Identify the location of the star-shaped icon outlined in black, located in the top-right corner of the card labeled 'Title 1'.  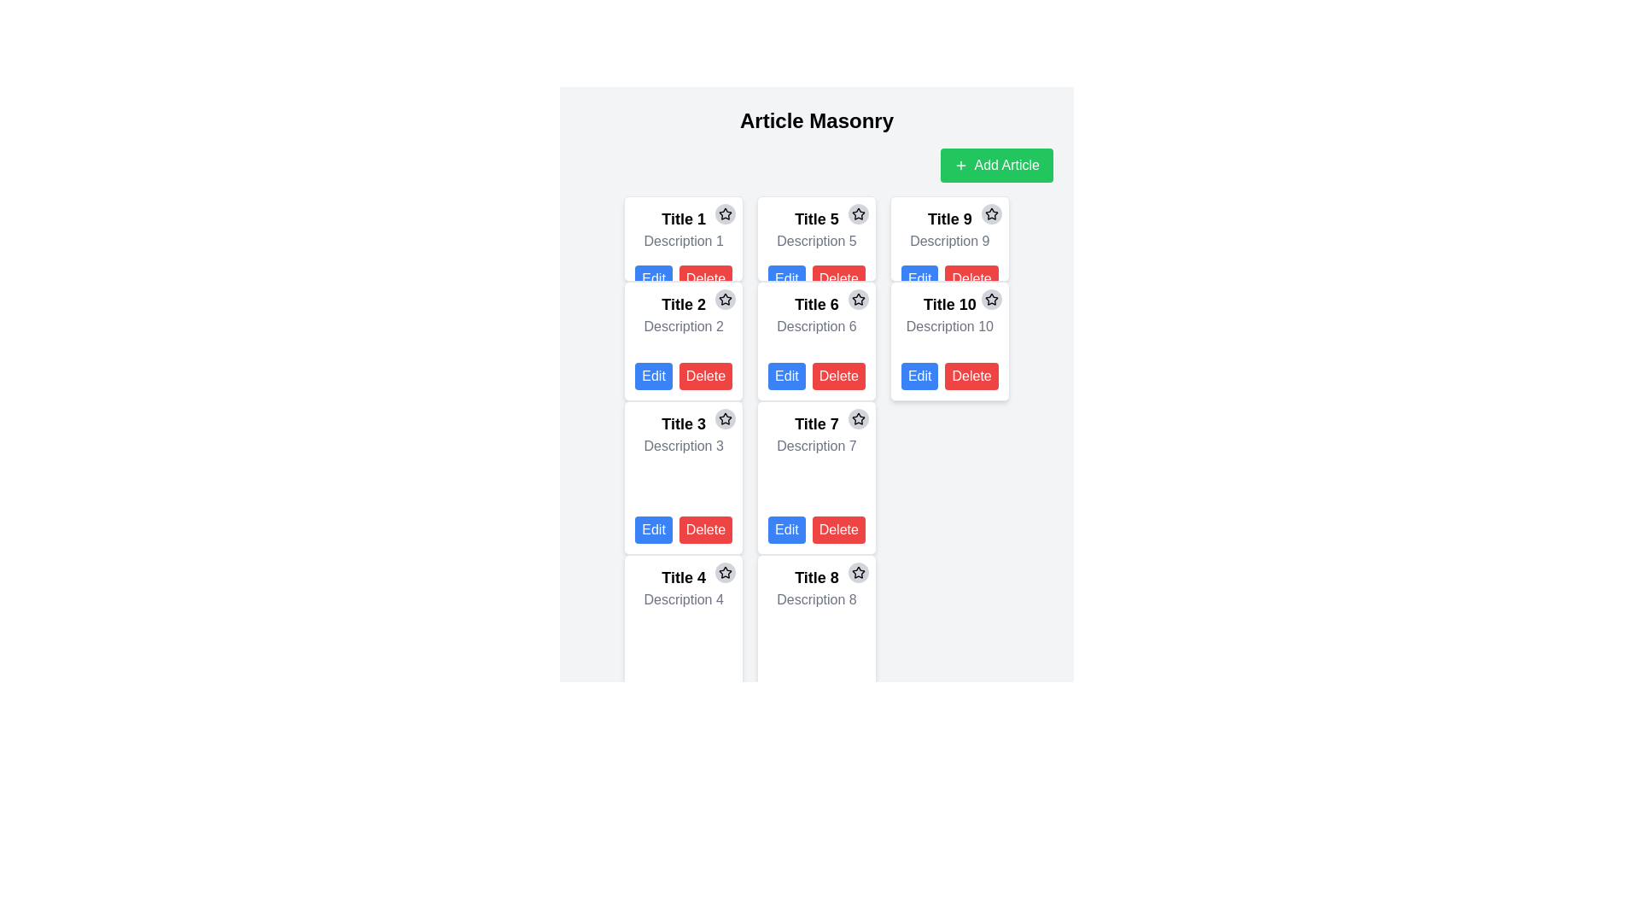
(726, 213).